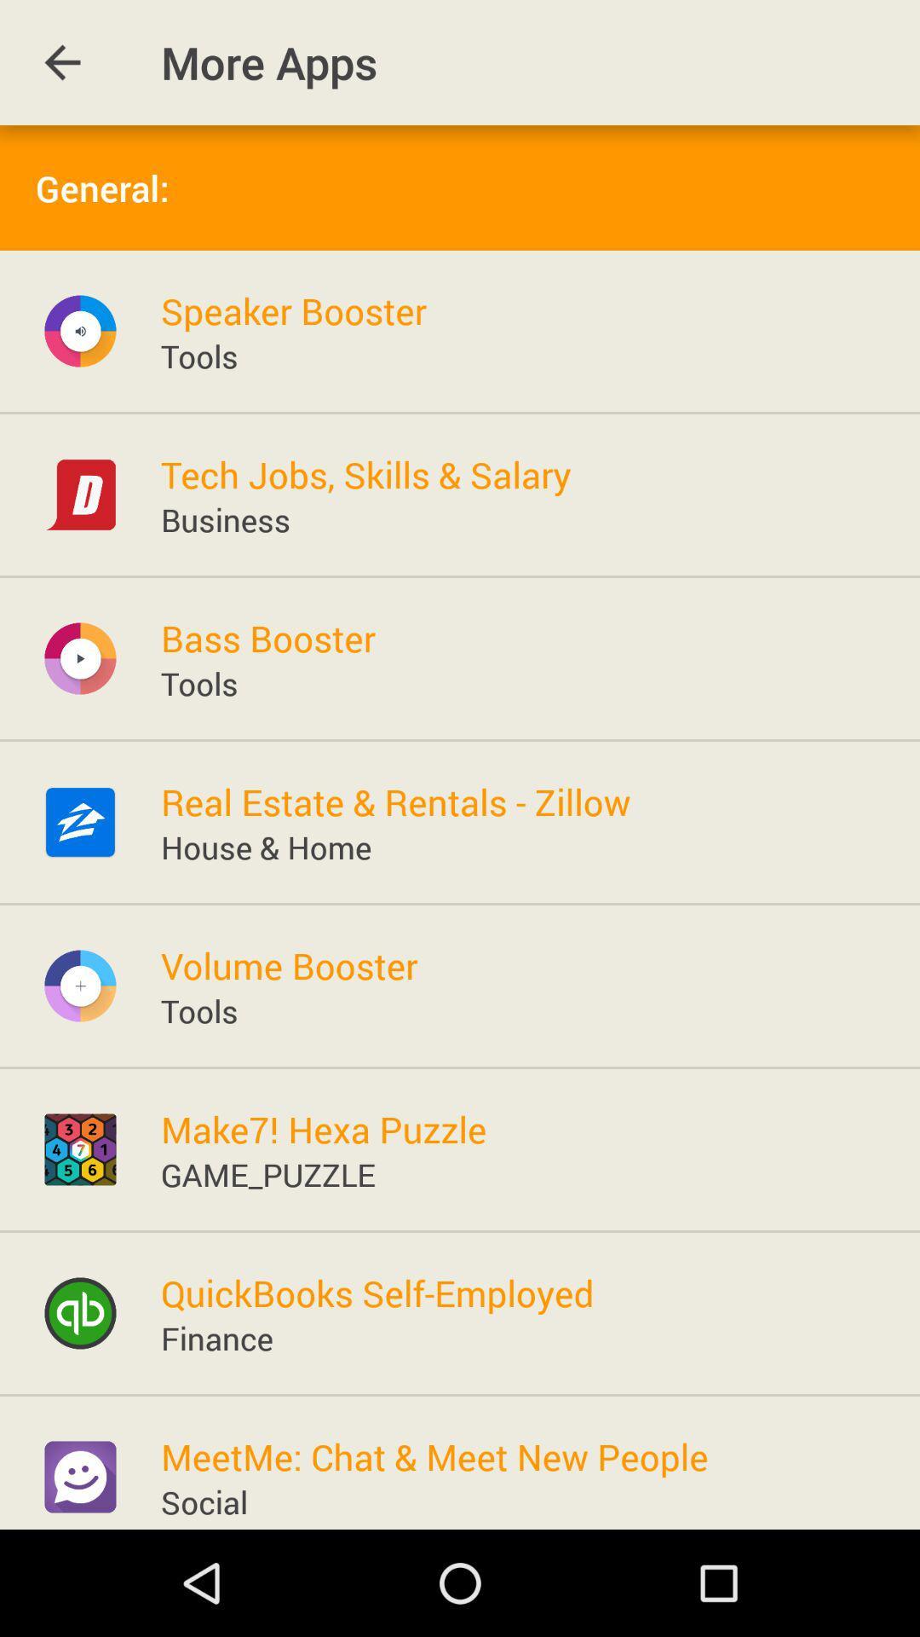 This screenshot has width=920, height=1637. I want to click on game_puzzle icon, so click(268, 1173).